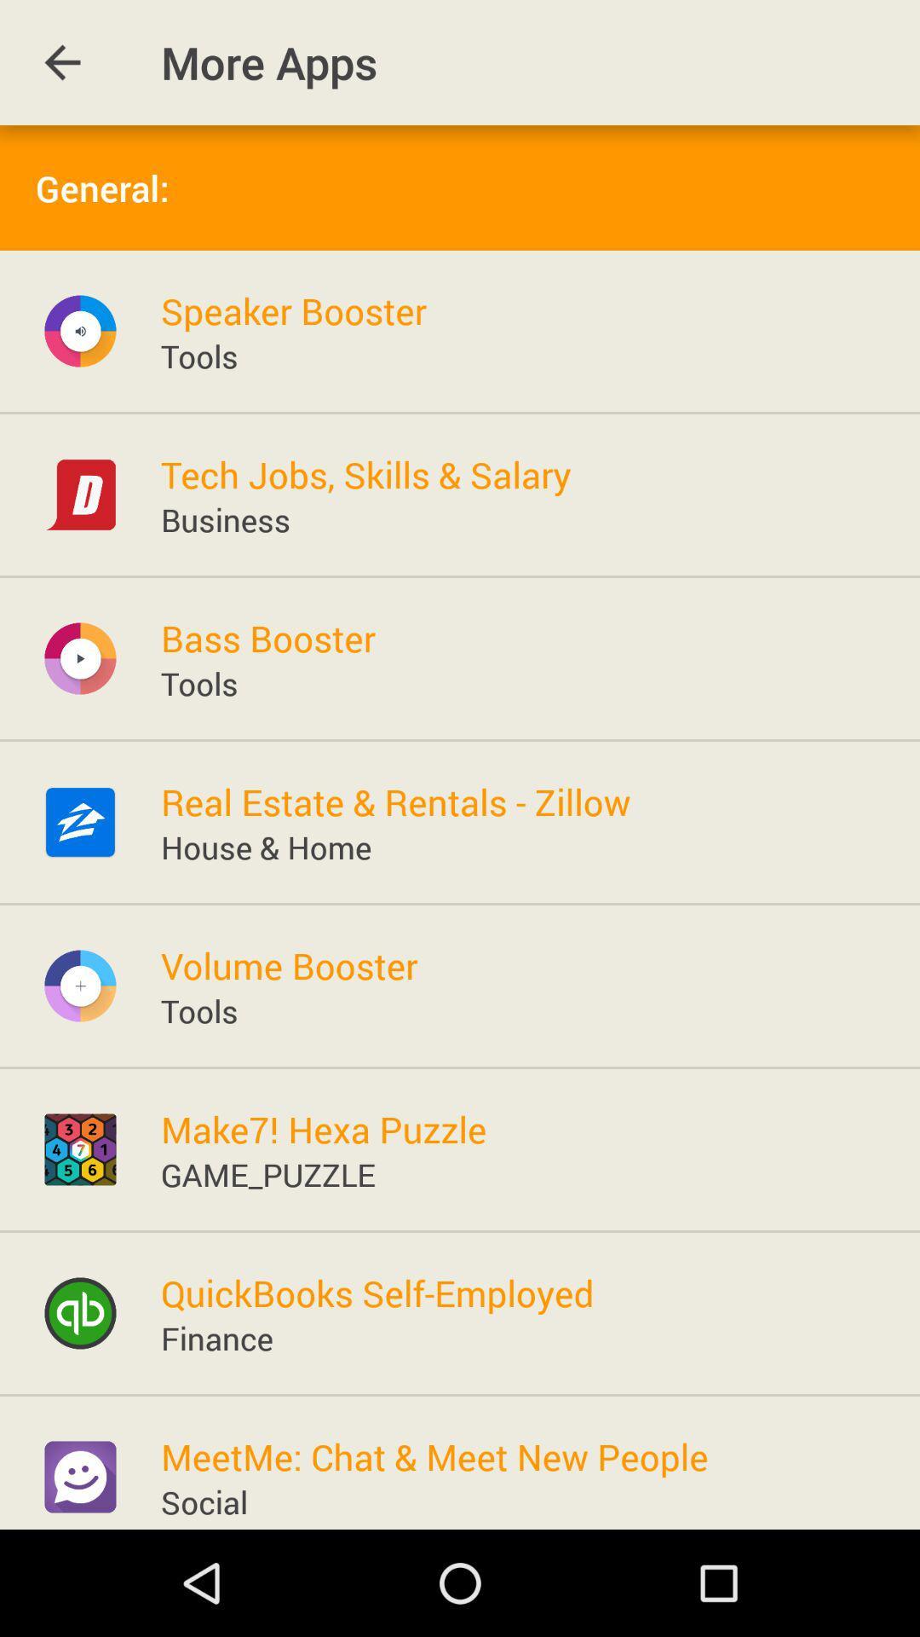 This screenshot has width=920, height=1637. I want to click on game_puzzle icon, so click(268, 1173).